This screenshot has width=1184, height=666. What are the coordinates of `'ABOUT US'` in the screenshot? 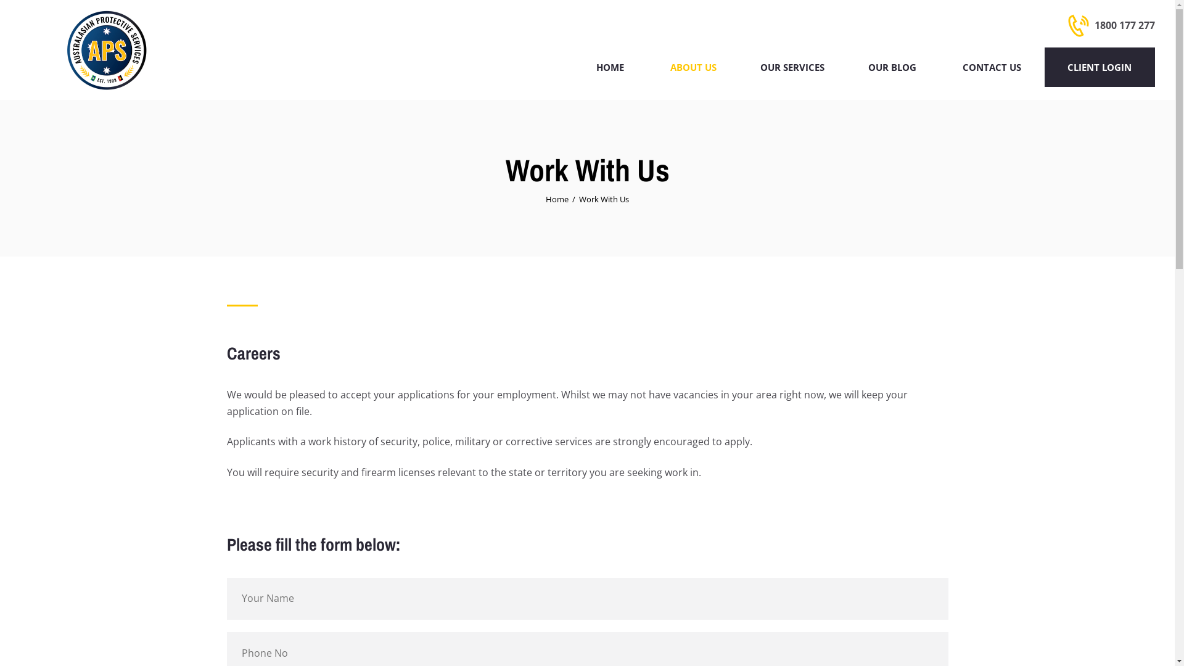 It's located at (646, 67).